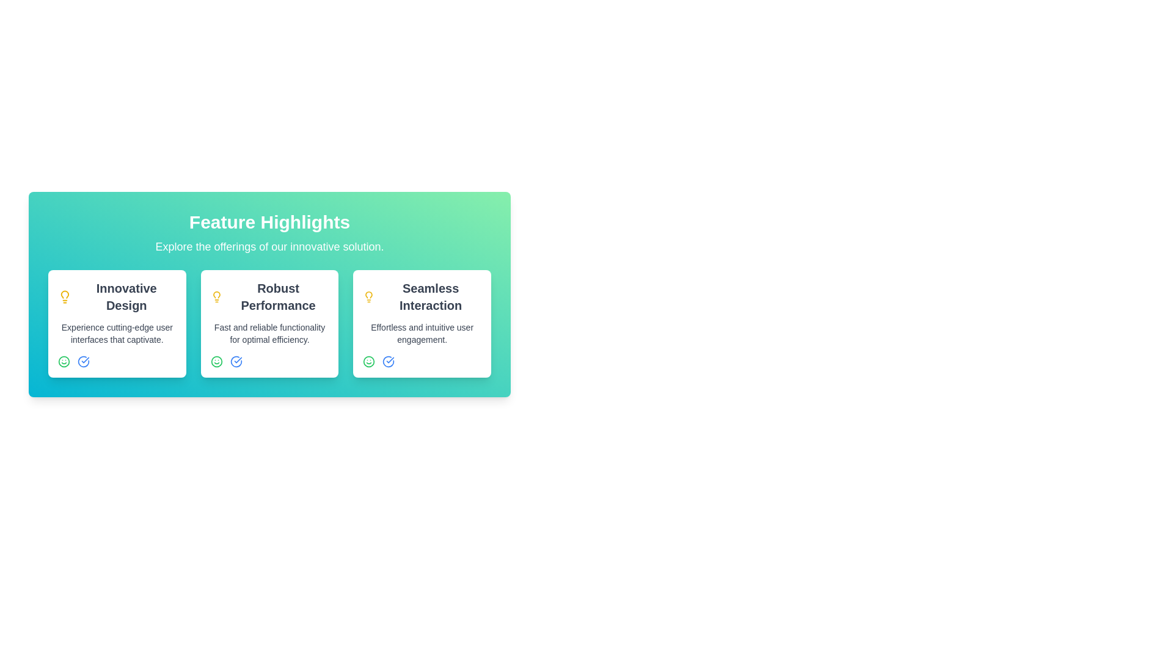 The height and width of the screenshot is (660, 1173). I want to click on the circular smiley face icon with a green stroke and white fill located in the bottom-left corner of the 'Robust Performance' card, so click(216, 361).